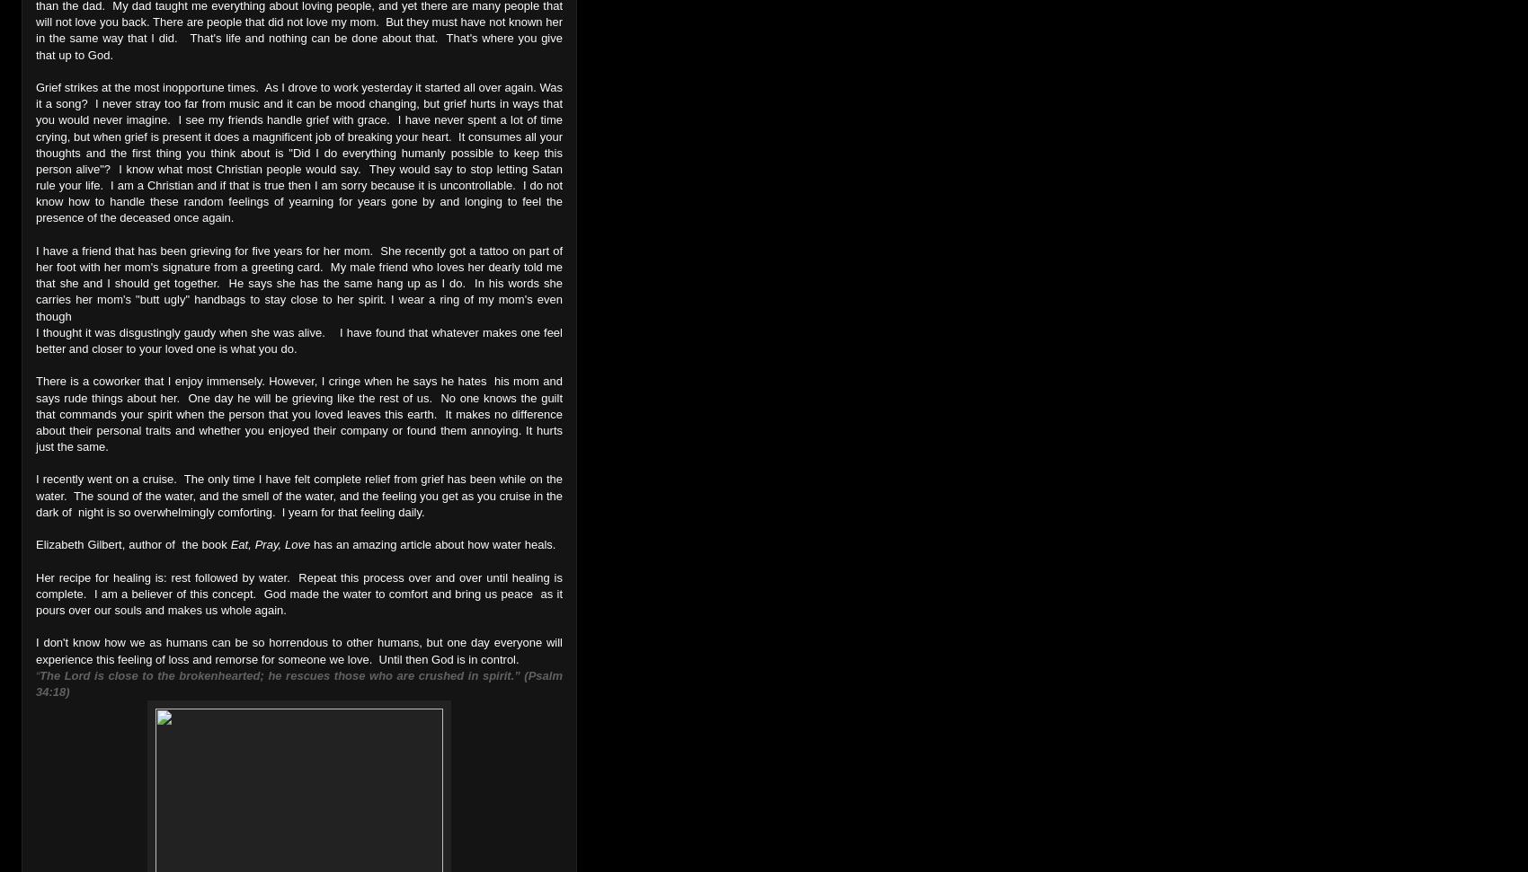 The width and height of the screenshot is (1528, 872). What do you see at coordinates (298, 414) in the screenshot?
I see `'There is a coworker that I enjoy immensely. However, I cringe when he says he hates  his mom and says rude things about her.  One day he will be grieving like the rest of us.  No one knows the guilt that commands your spirit when the person that you loved leaves this earth.  It makes no difference about their personal traits and whether you enjoyed their company or found them annoying. It hurts just the same.'` at bounding box center [298, 414].